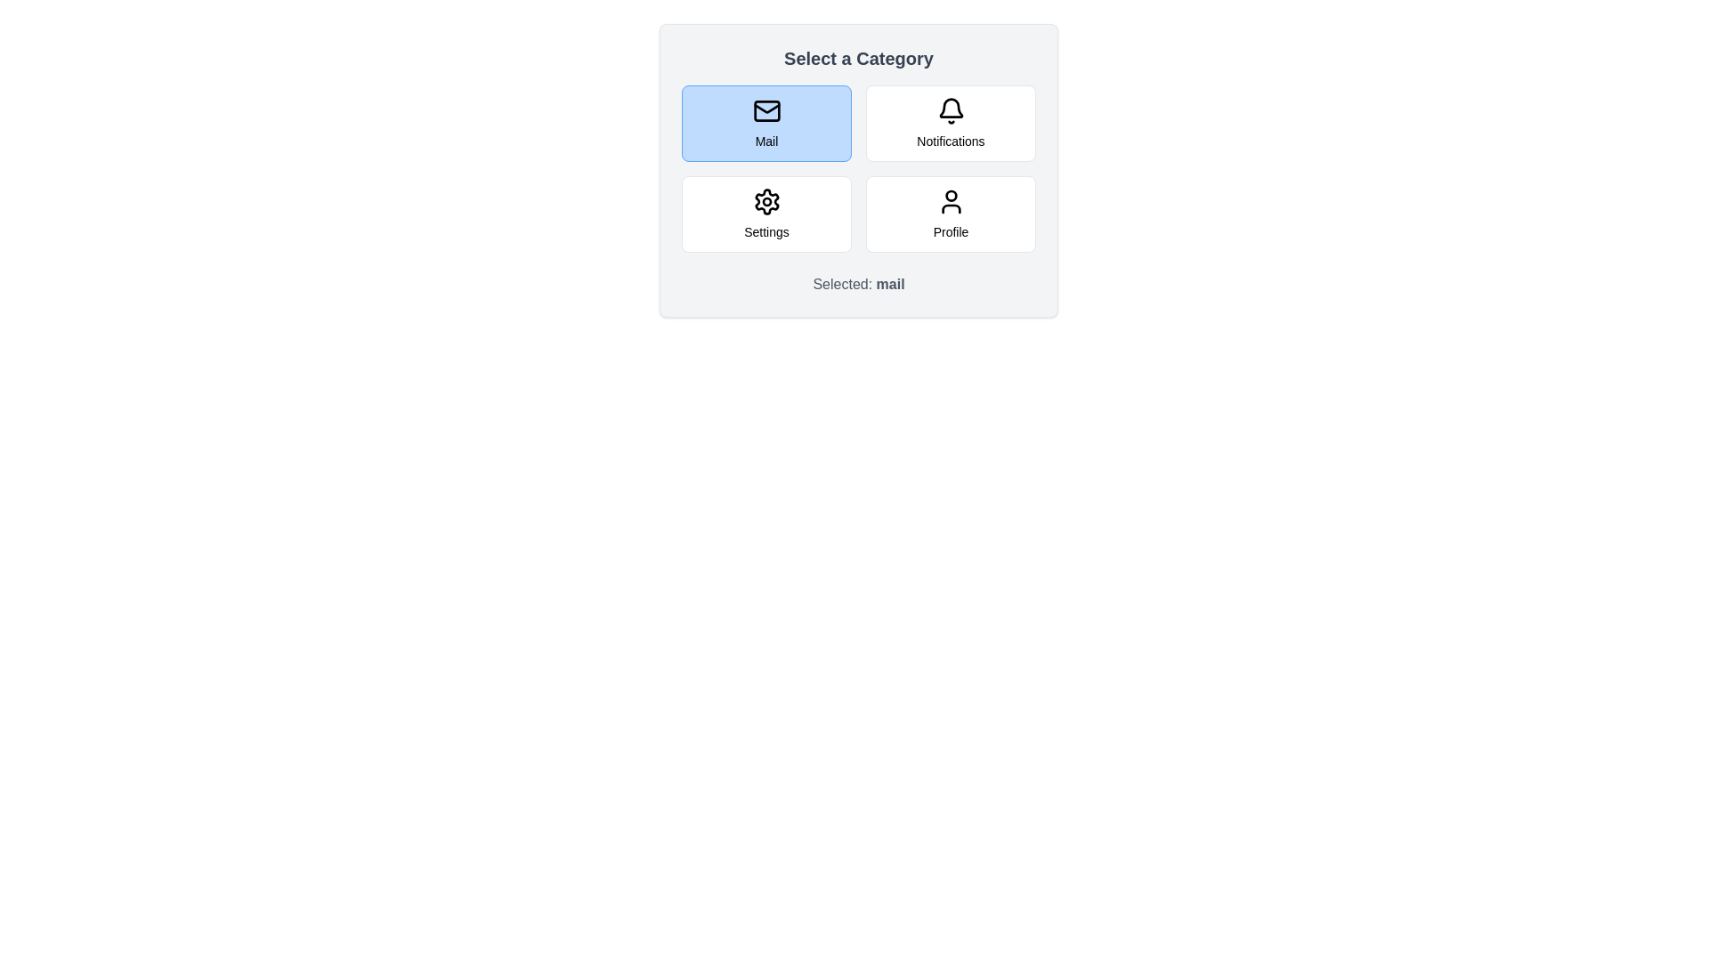  I want to click on the Mail button to select it, so click(766, 122).